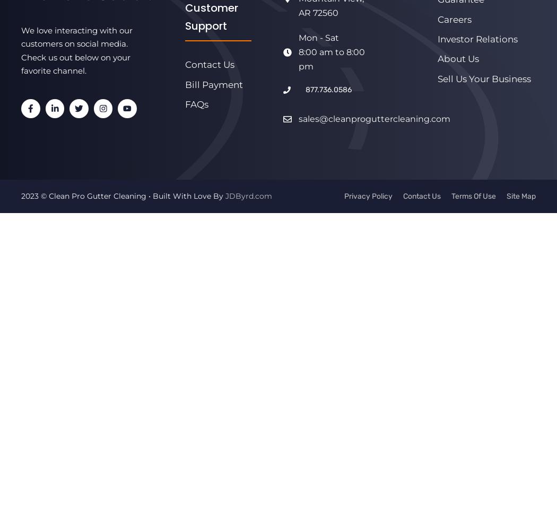  What do you see at coordinates (21, 50) in the screenshot?
I see `'We love interacting with our customers on social media. Check us out below on your favorite channel.'` at bounding box center [21, 50].